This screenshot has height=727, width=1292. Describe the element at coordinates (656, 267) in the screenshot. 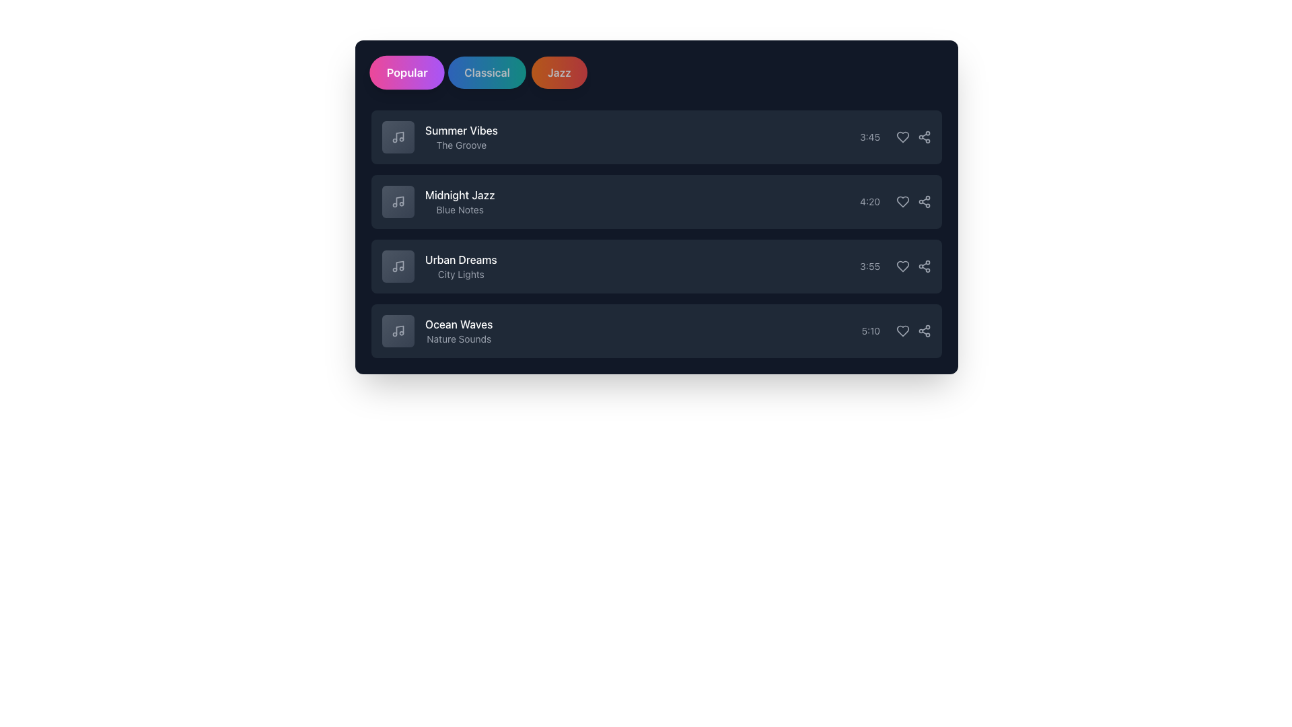

I see `the song entry in the playlist which is positioned third in a vertically stacked list, below 'Midnight Jazz' and above 'Ocean Waves'` at that location.